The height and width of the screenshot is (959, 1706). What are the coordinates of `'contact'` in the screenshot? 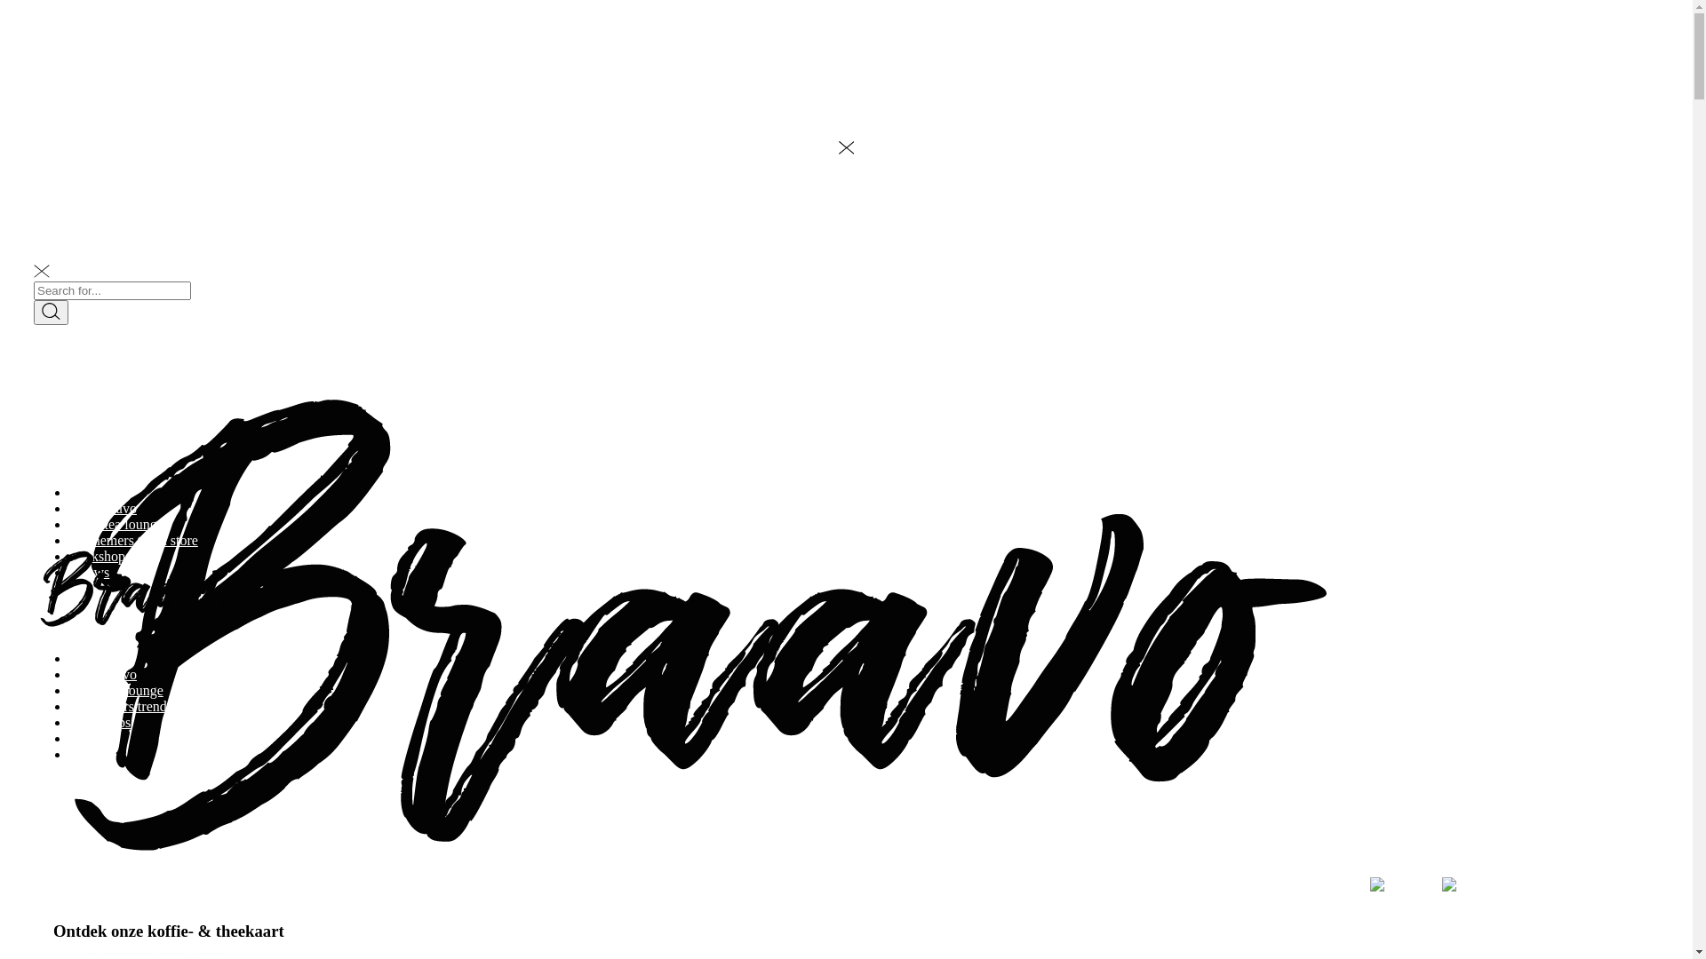 It's located at (88, 588).